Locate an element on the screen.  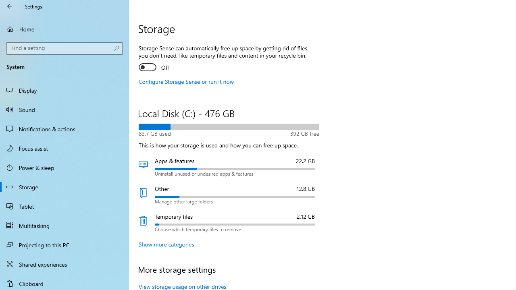
'Back' is located at coordinates (10, 6).